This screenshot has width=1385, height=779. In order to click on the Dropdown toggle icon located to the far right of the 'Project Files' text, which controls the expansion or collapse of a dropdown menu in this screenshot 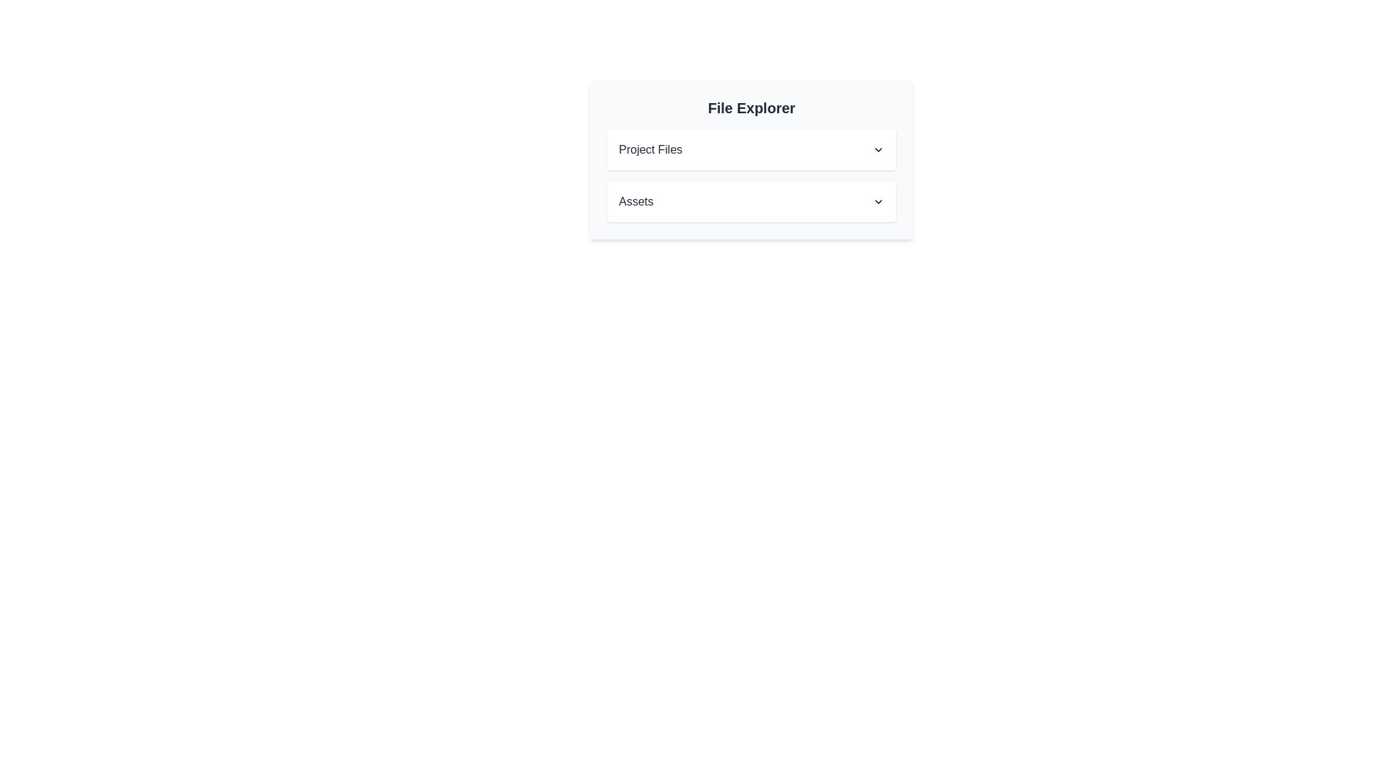, I will do `click(878, 150)`.